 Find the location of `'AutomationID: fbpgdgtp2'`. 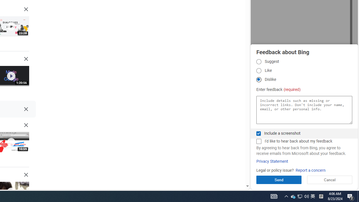

'AutomationID: fbpgdgtp2' is located at coordinates (258, 70).